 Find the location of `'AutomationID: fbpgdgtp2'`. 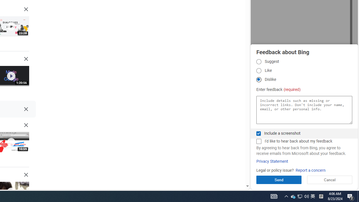

'AutomationID: fbpgdgtp2' is located at coordinates (258, 70).